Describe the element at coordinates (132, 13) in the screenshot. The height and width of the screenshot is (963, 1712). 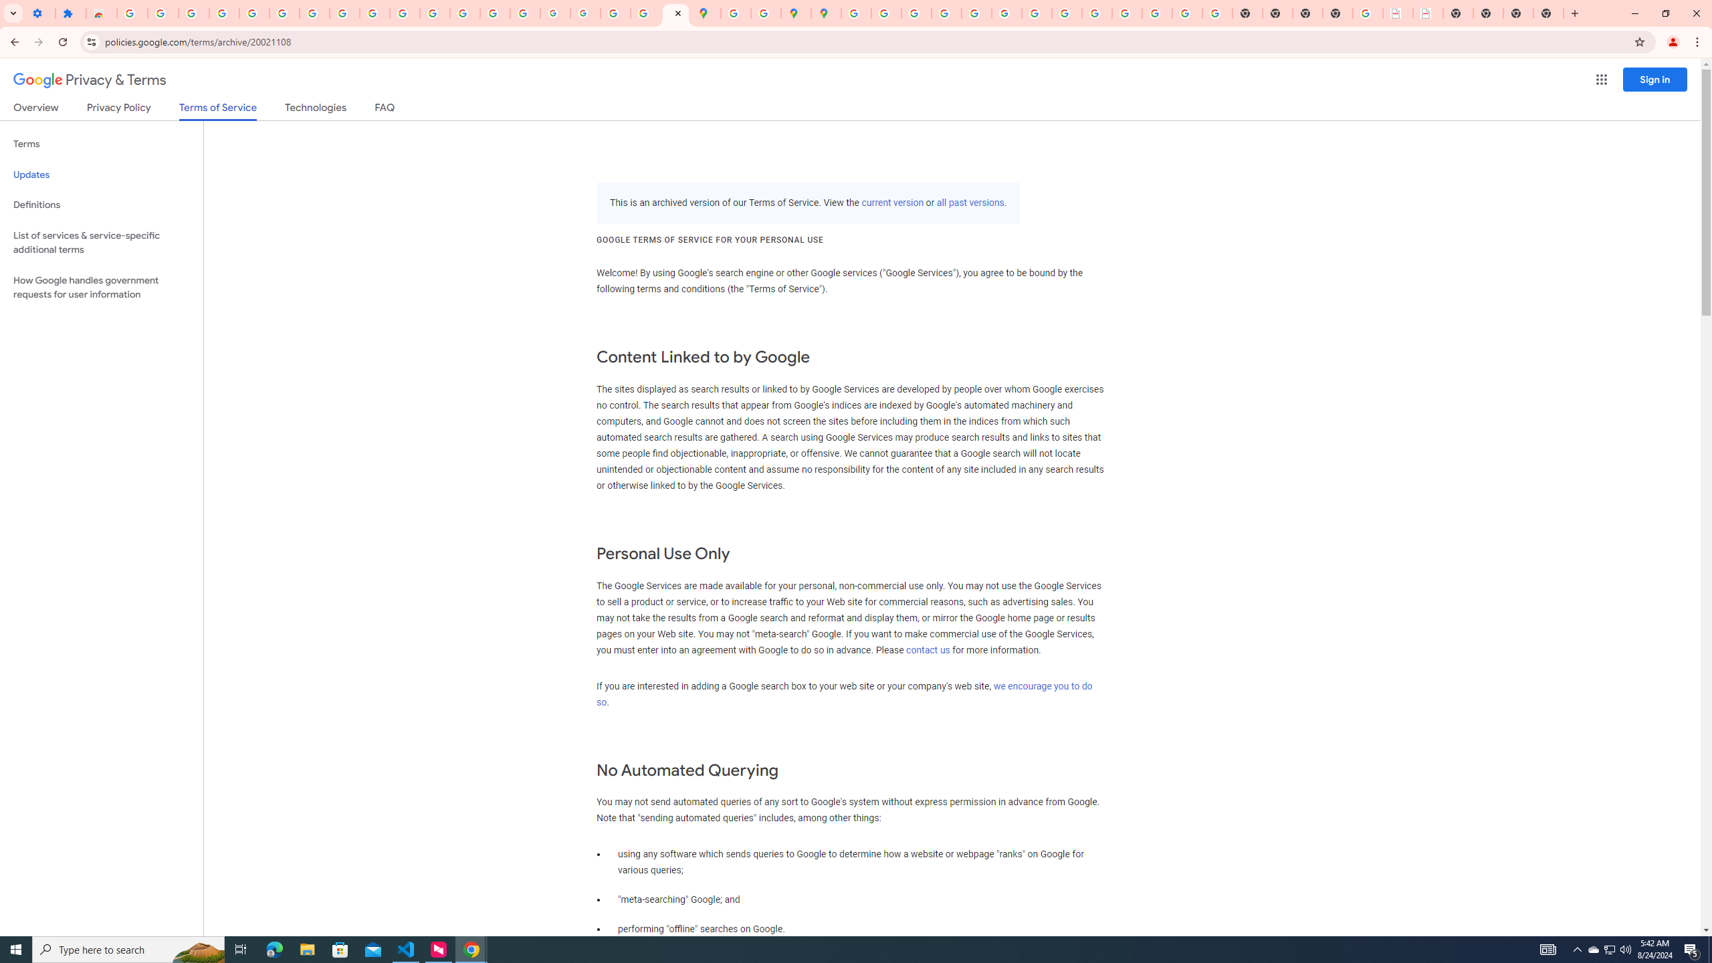
I see `'Sign in - Google Accounts'` at that location.